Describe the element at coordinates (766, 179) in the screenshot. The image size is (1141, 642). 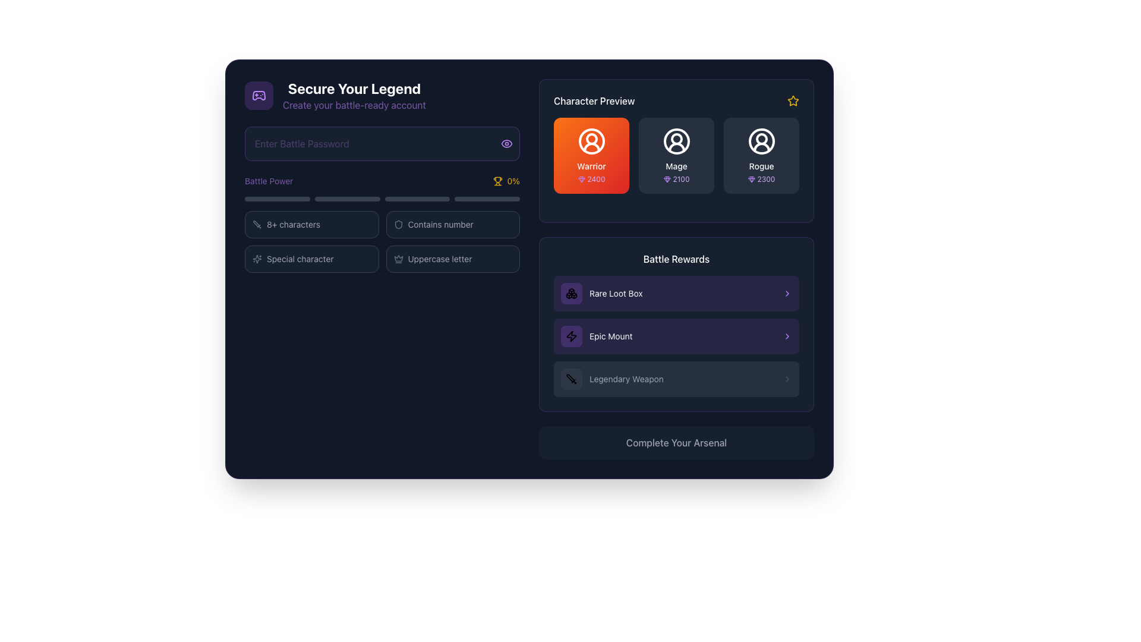
I see `the static text label displaying the score or attribute value for the 'Rogue' character located beneath the 'Rogue' character icon in the 'Character Preview' section` at that location.